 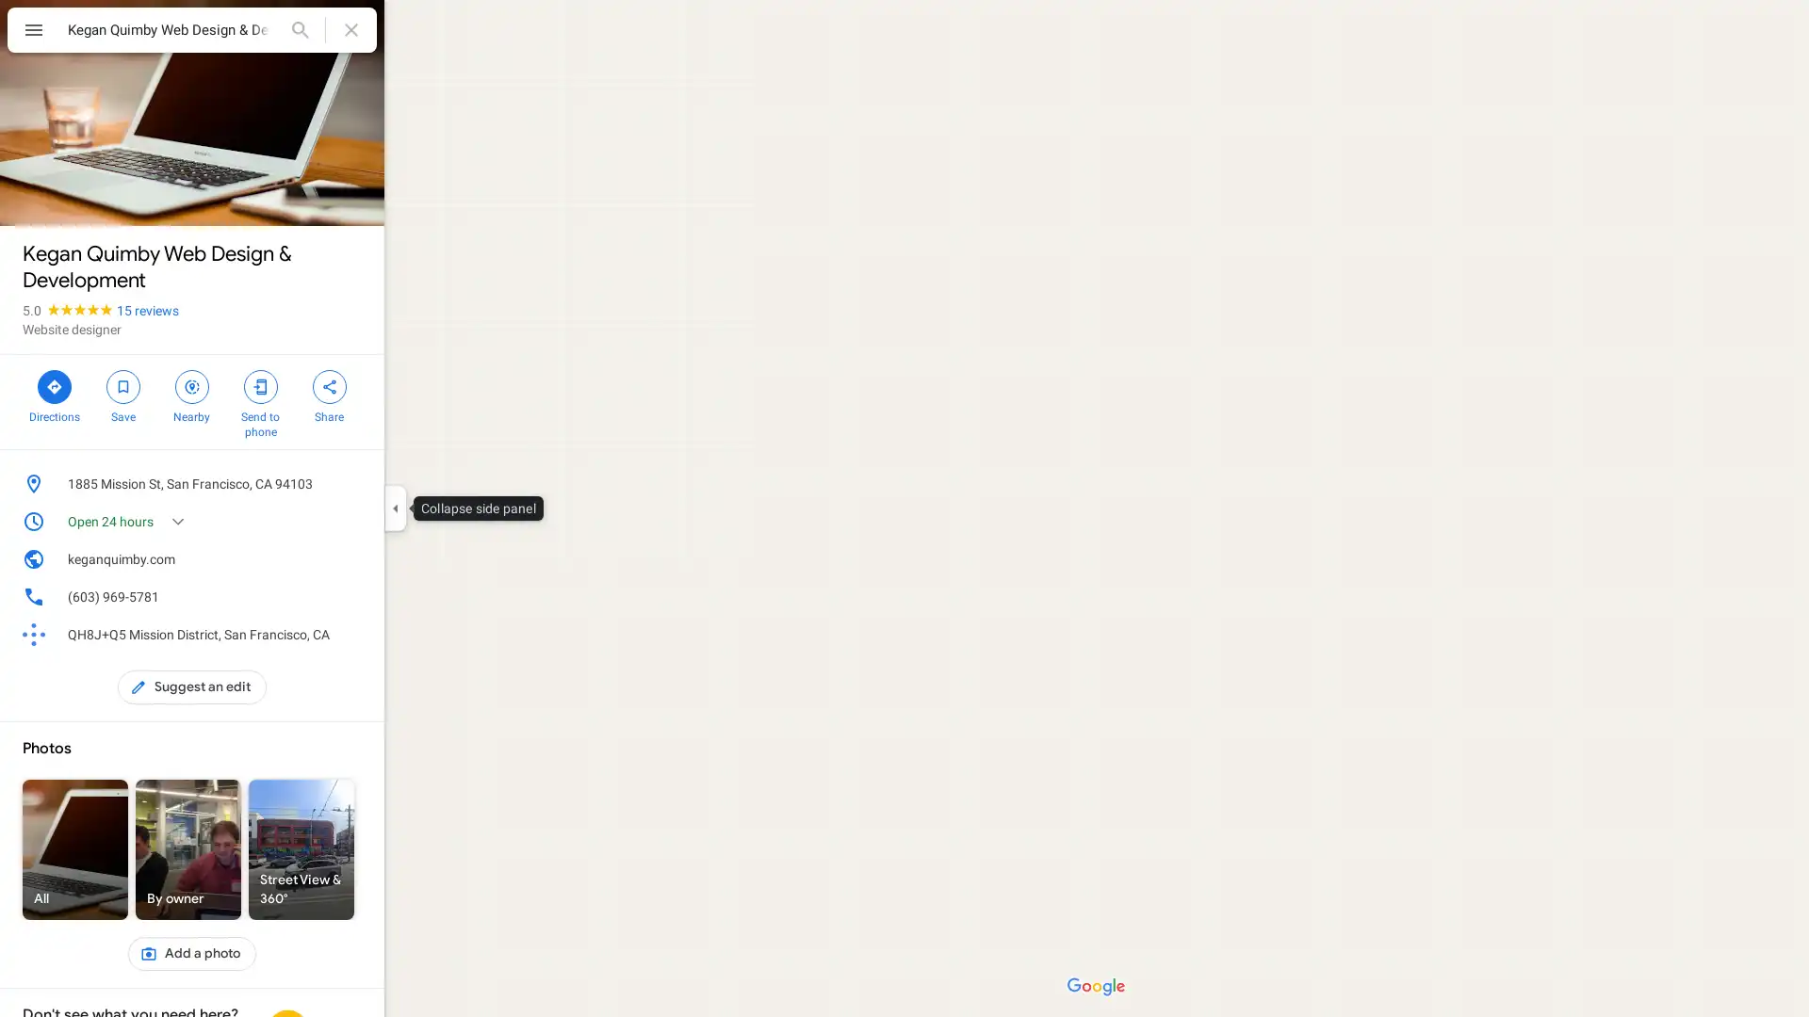 What do you see at coordinates (69, 310) in the screenshot?
I see `5.0 stars` at bounding box center [69, 310].